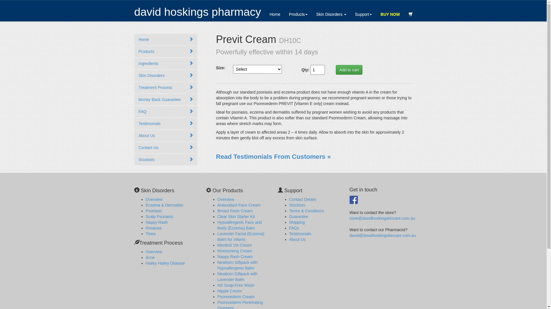  What do you see at coordinates (165, 263) in the screenshot?
I see `'Hailey Hailey Disease'` at bounding box center [165, 263].